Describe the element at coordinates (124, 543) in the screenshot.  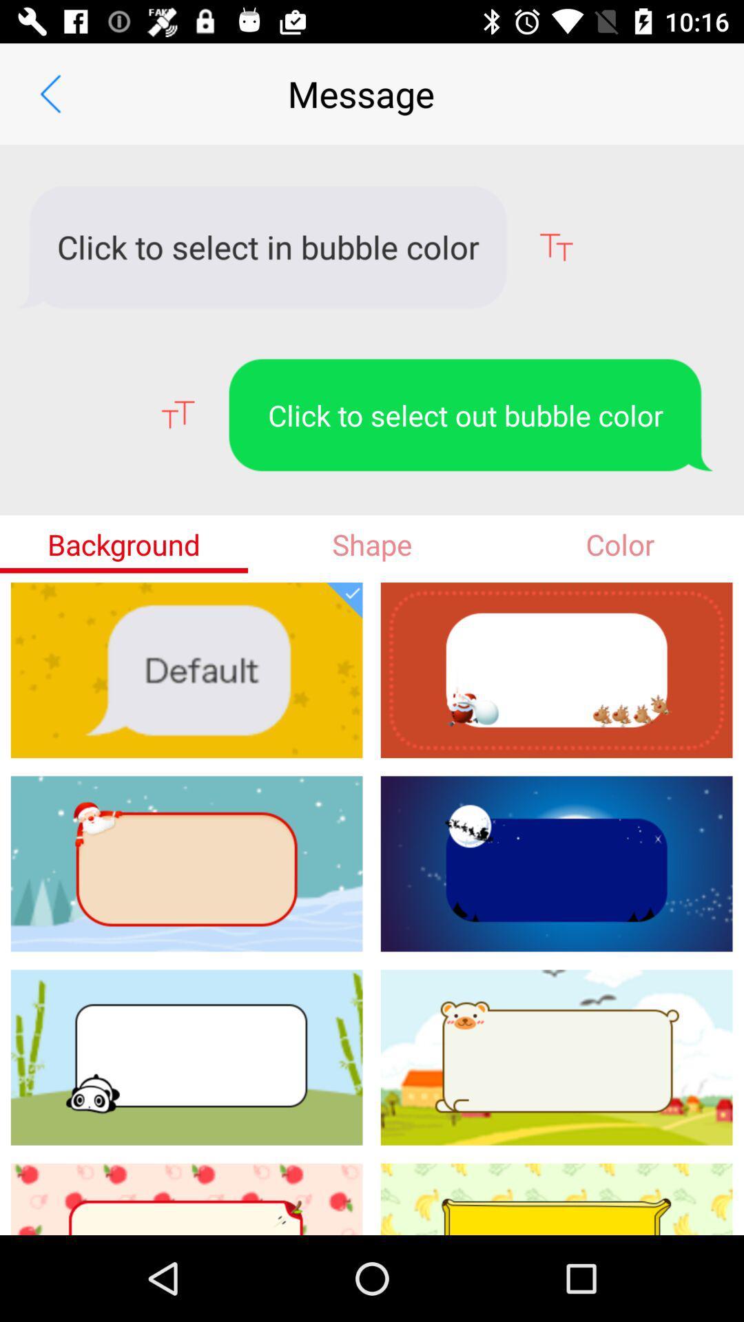
I see `icon to the left of the shape` at that location.